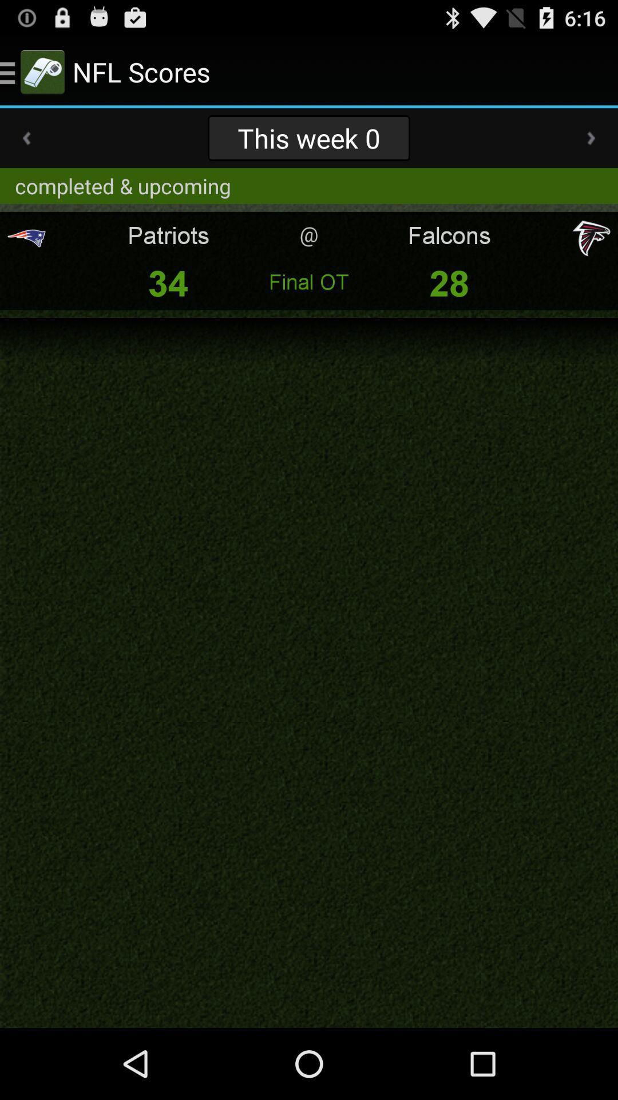 The width and height of the screenshot is (618, 1100). I want to click on icon next to this week 0 item, so click(591, 137).